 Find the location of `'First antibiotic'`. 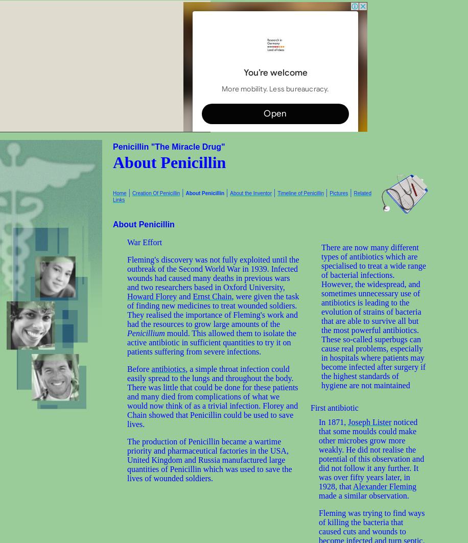

'First antibiotic' is located at coordinates (334, 407).